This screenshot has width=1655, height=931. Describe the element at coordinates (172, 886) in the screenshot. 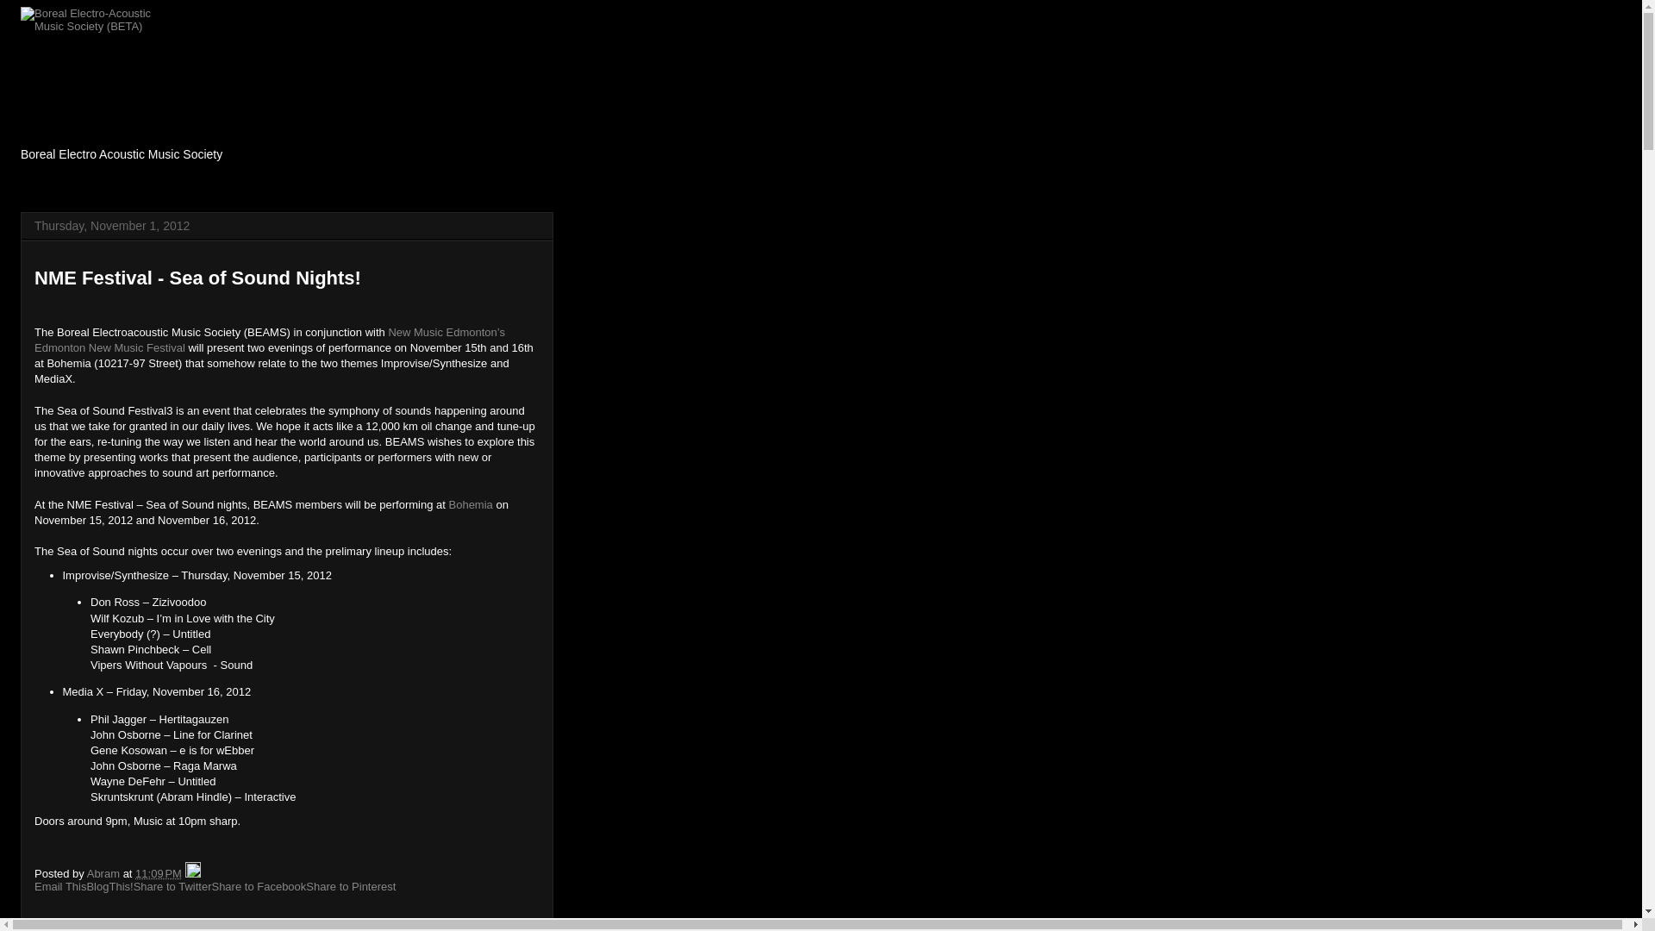

I see `'Share to Twitter'` at that location.